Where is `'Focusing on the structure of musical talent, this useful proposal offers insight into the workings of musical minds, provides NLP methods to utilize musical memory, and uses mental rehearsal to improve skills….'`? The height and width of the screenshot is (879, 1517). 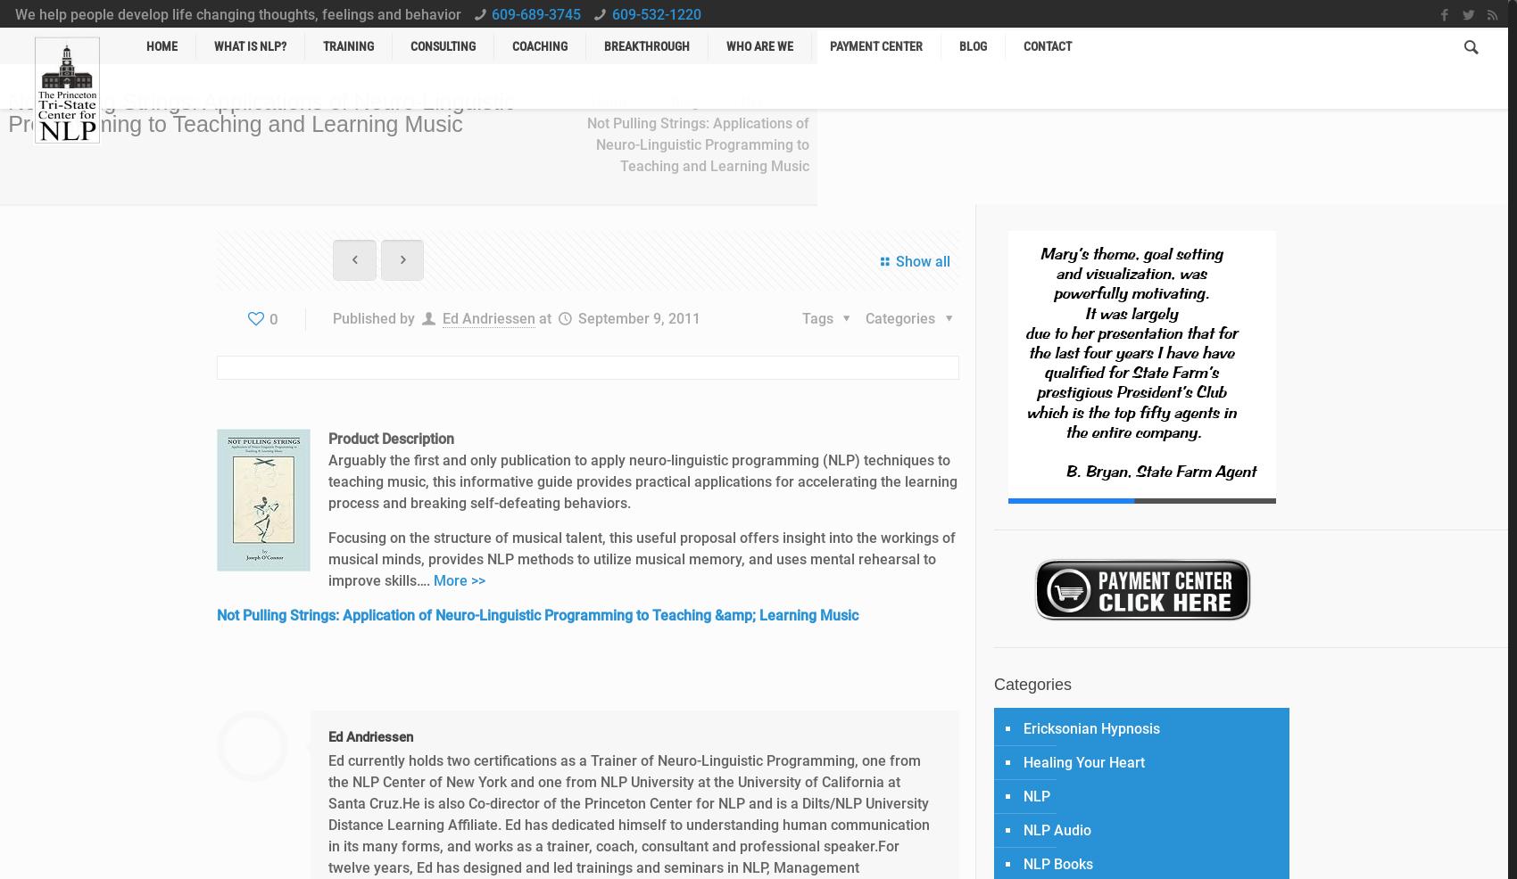
'Focusing on the structure of musical talent, this useful proposal offers insight into the workings of musical minds, provides NLP methods to utilize musical memory, and uses mental rehearsal to improve skills….' is located at coordinates (327, 559).